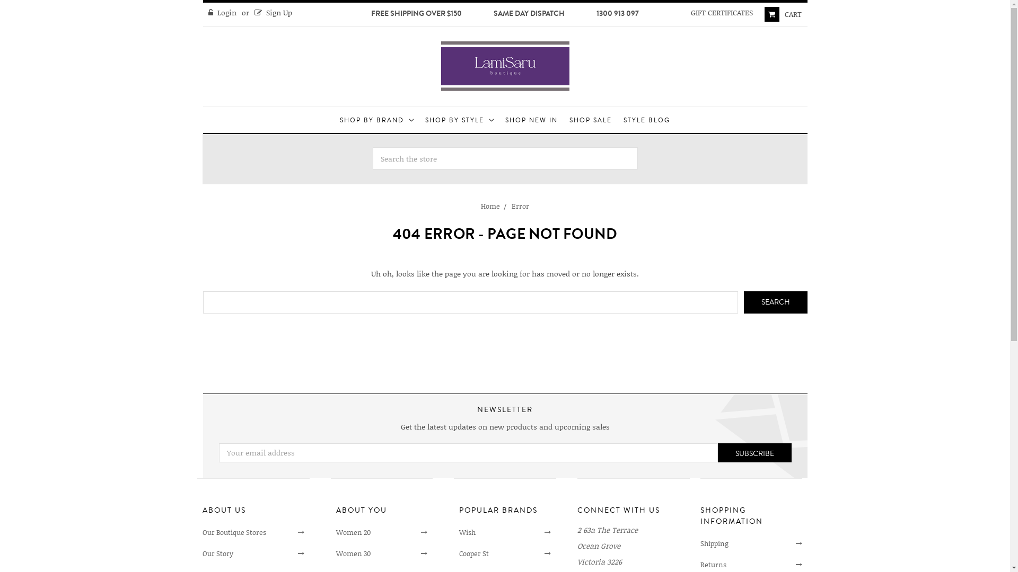  I want to click on 'Women 20', so click(382, 533).